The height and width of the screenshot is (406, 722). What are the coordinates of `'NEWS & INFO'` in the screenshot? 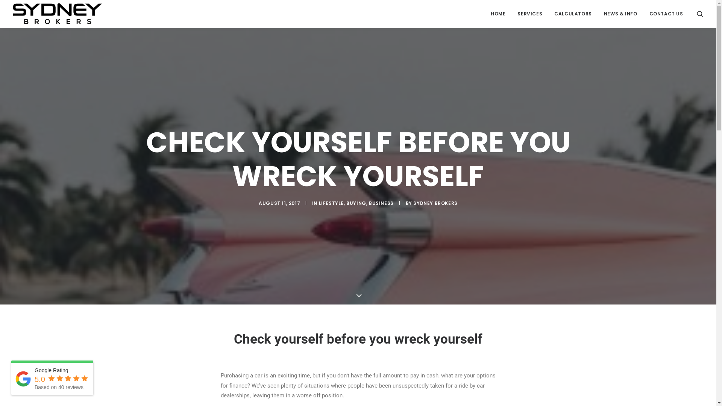 It's located at (620, 14).